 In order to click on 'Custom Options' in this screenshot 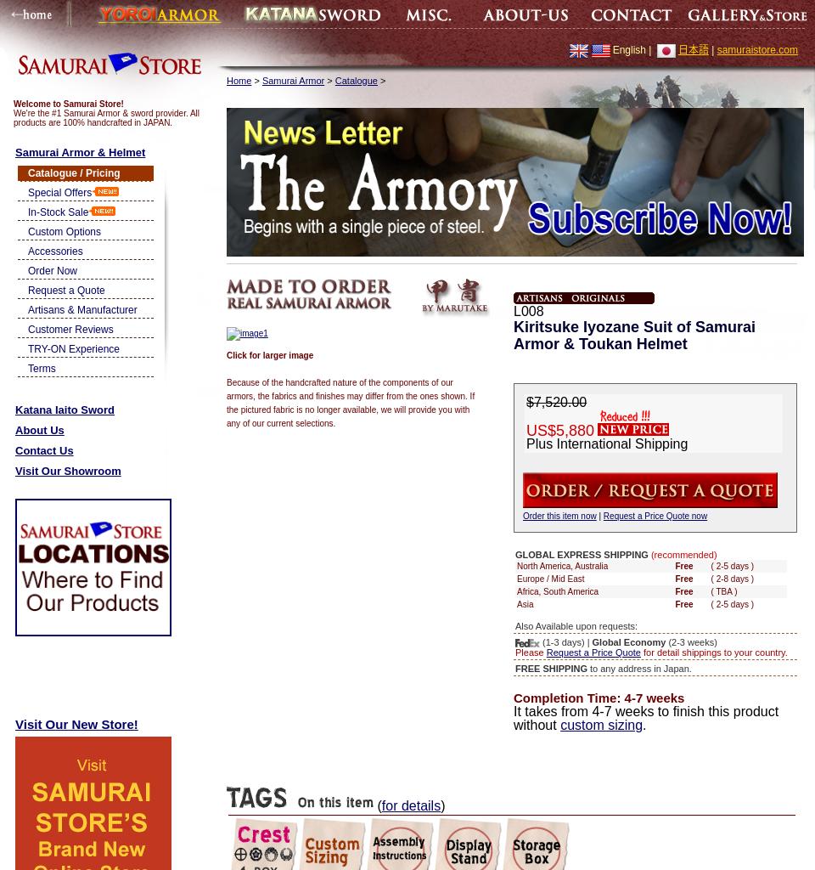, I will do `click(65, 231)`.